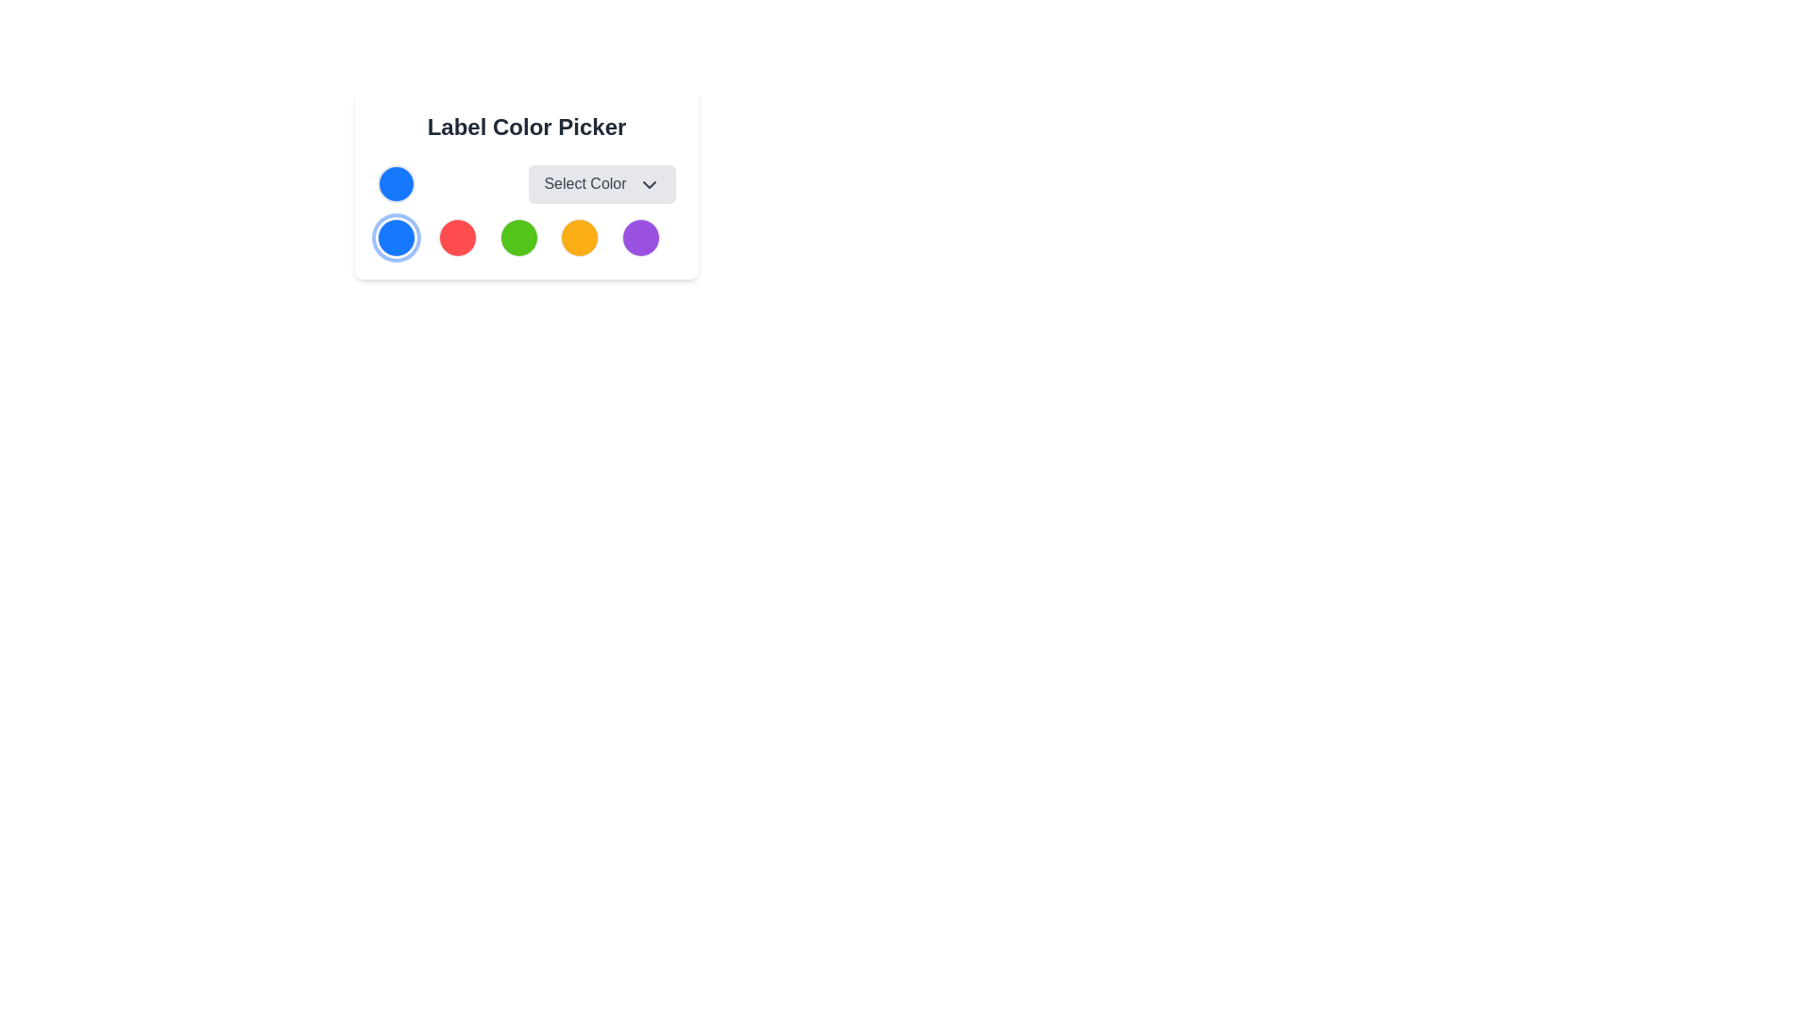 Image resolution: width=1813 pixels, height=1020 pixels. What do you see at coordinates (396, 184) in the screenshot?
I see `the Color Selection Circle located at the leftmost position of the color picker` at bounding box center [396, 184].